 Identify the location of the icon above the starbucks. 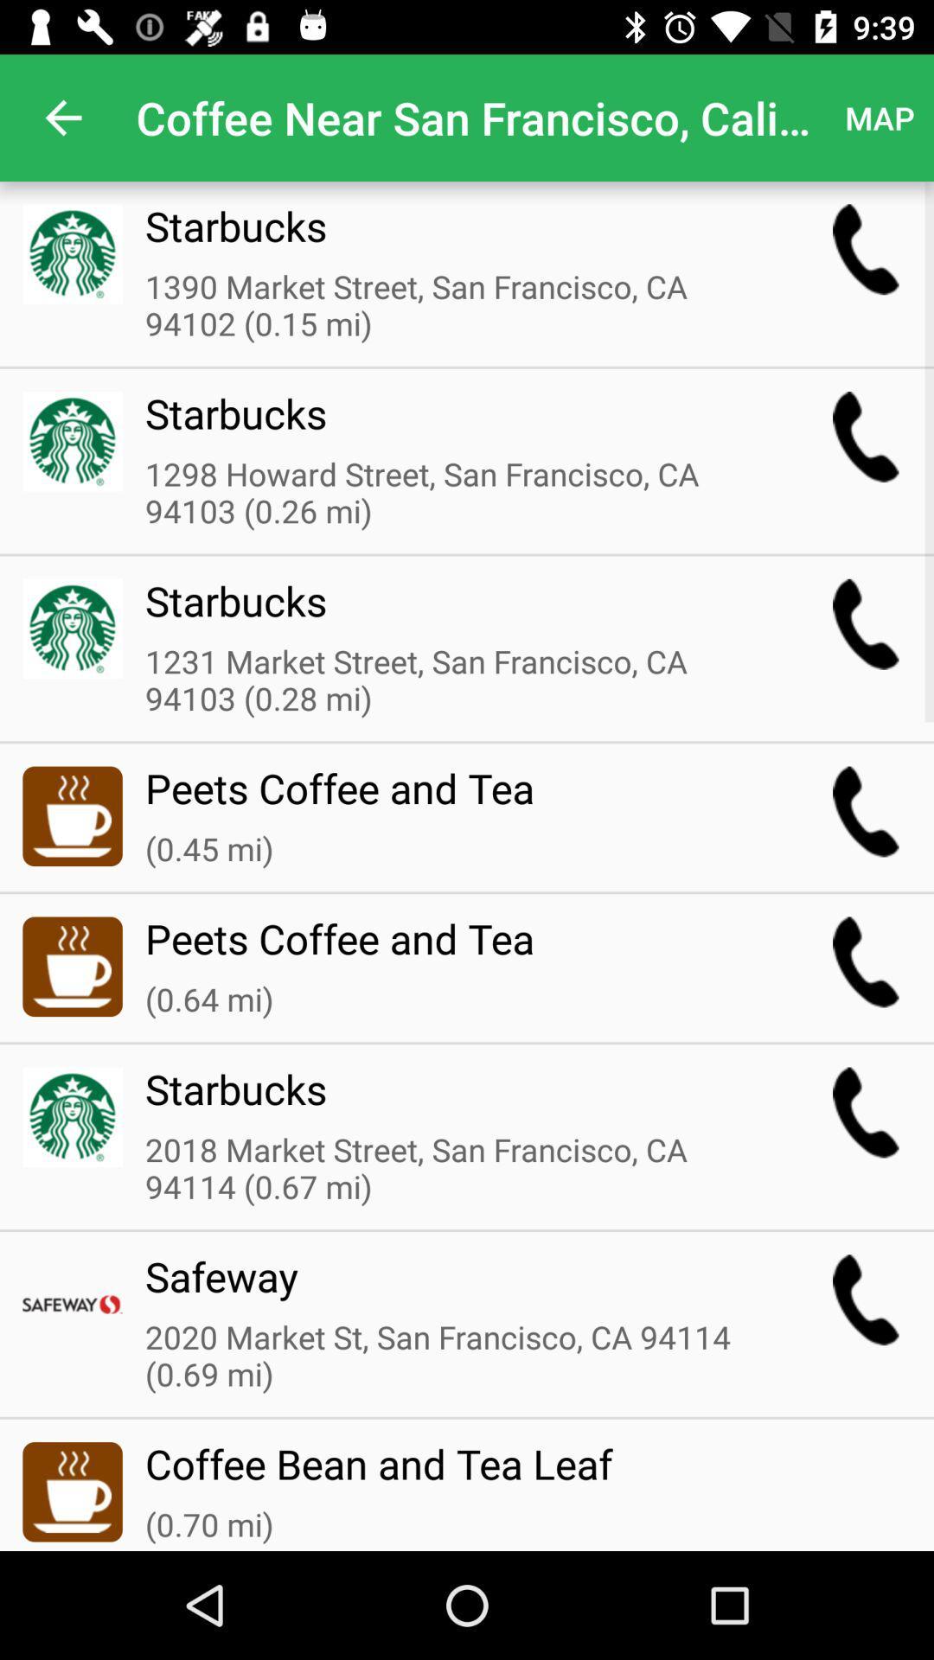
(453, 493).